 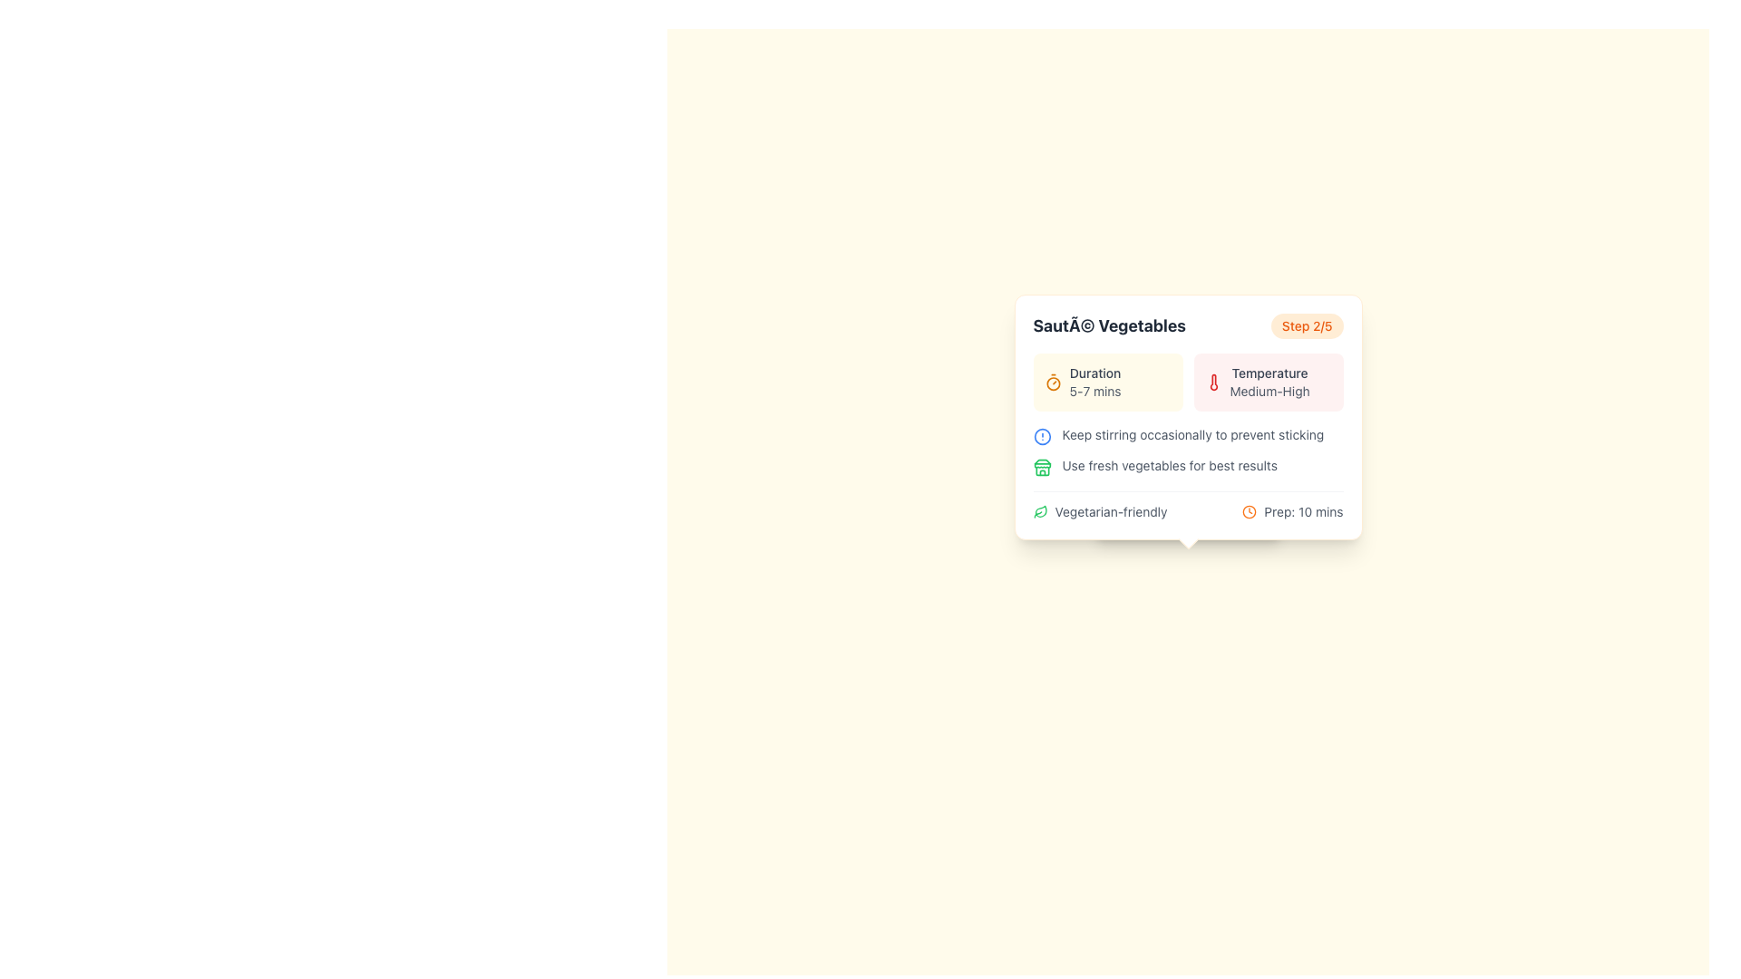 I want to click on the vegetarian-friendly icon located in the middle of the chef's hat icon at the bottom-left corner of the cooking steps card, so click(x=1120, y=518).